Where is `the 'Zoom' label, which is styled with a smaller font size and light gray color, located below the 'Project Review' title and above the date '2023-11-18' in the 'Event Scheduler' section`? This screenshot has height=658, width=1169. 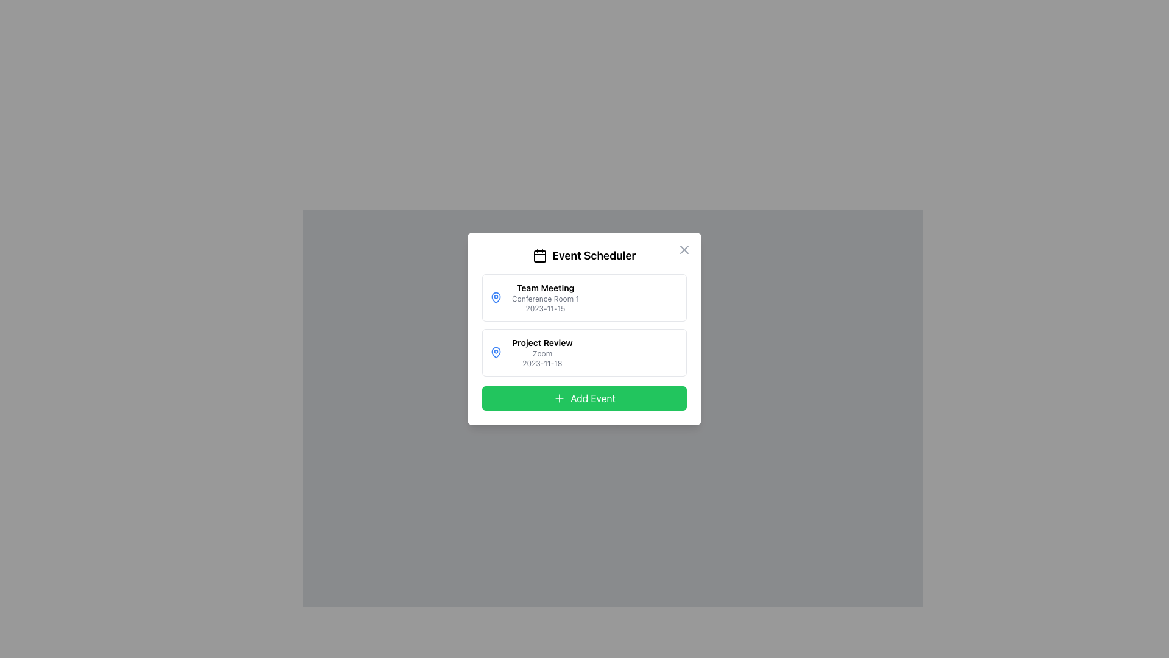
the 'Zoom' label, which is styled with a smaller font size and light gray color, located below the 'Project Review' title and above the date '2023-11-18' in the 'Event Scheduler' section is located at coordinates (541, 354).